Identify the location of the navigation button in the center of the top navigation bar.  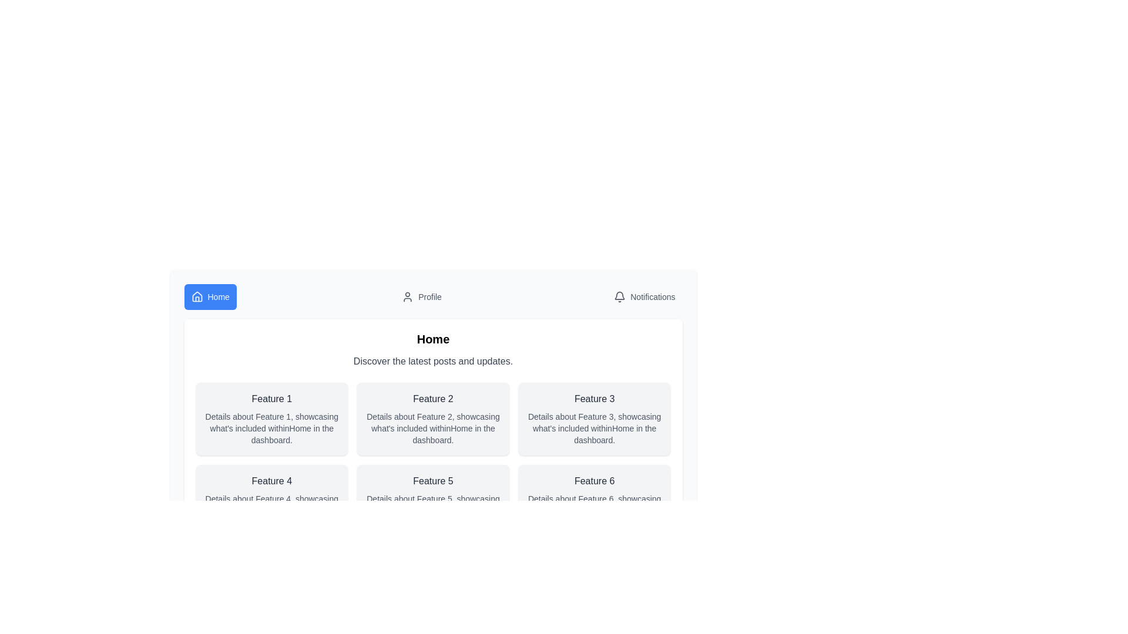
(422, 296).